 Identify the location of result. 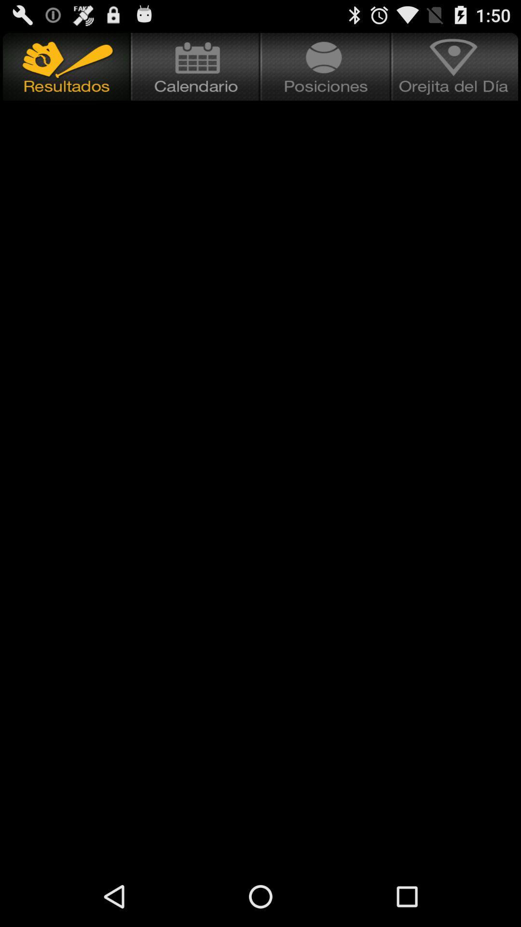
(65, 66).